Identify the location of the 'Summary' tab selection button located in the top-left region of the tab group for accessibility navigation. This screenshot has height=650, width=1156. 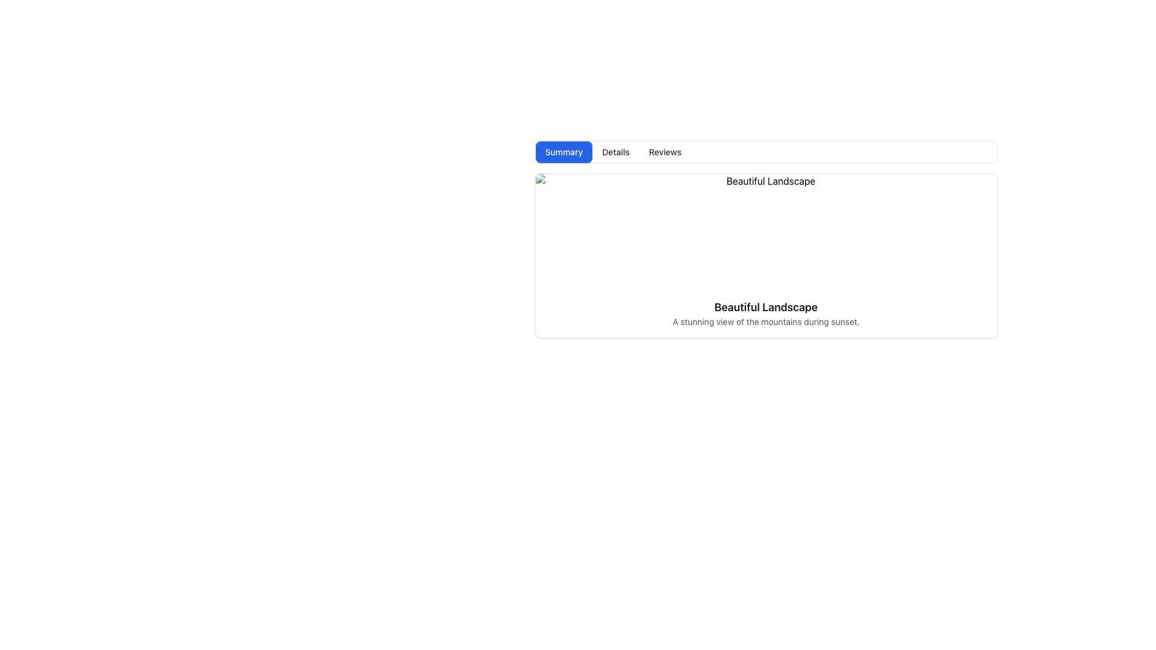
(563, 152).